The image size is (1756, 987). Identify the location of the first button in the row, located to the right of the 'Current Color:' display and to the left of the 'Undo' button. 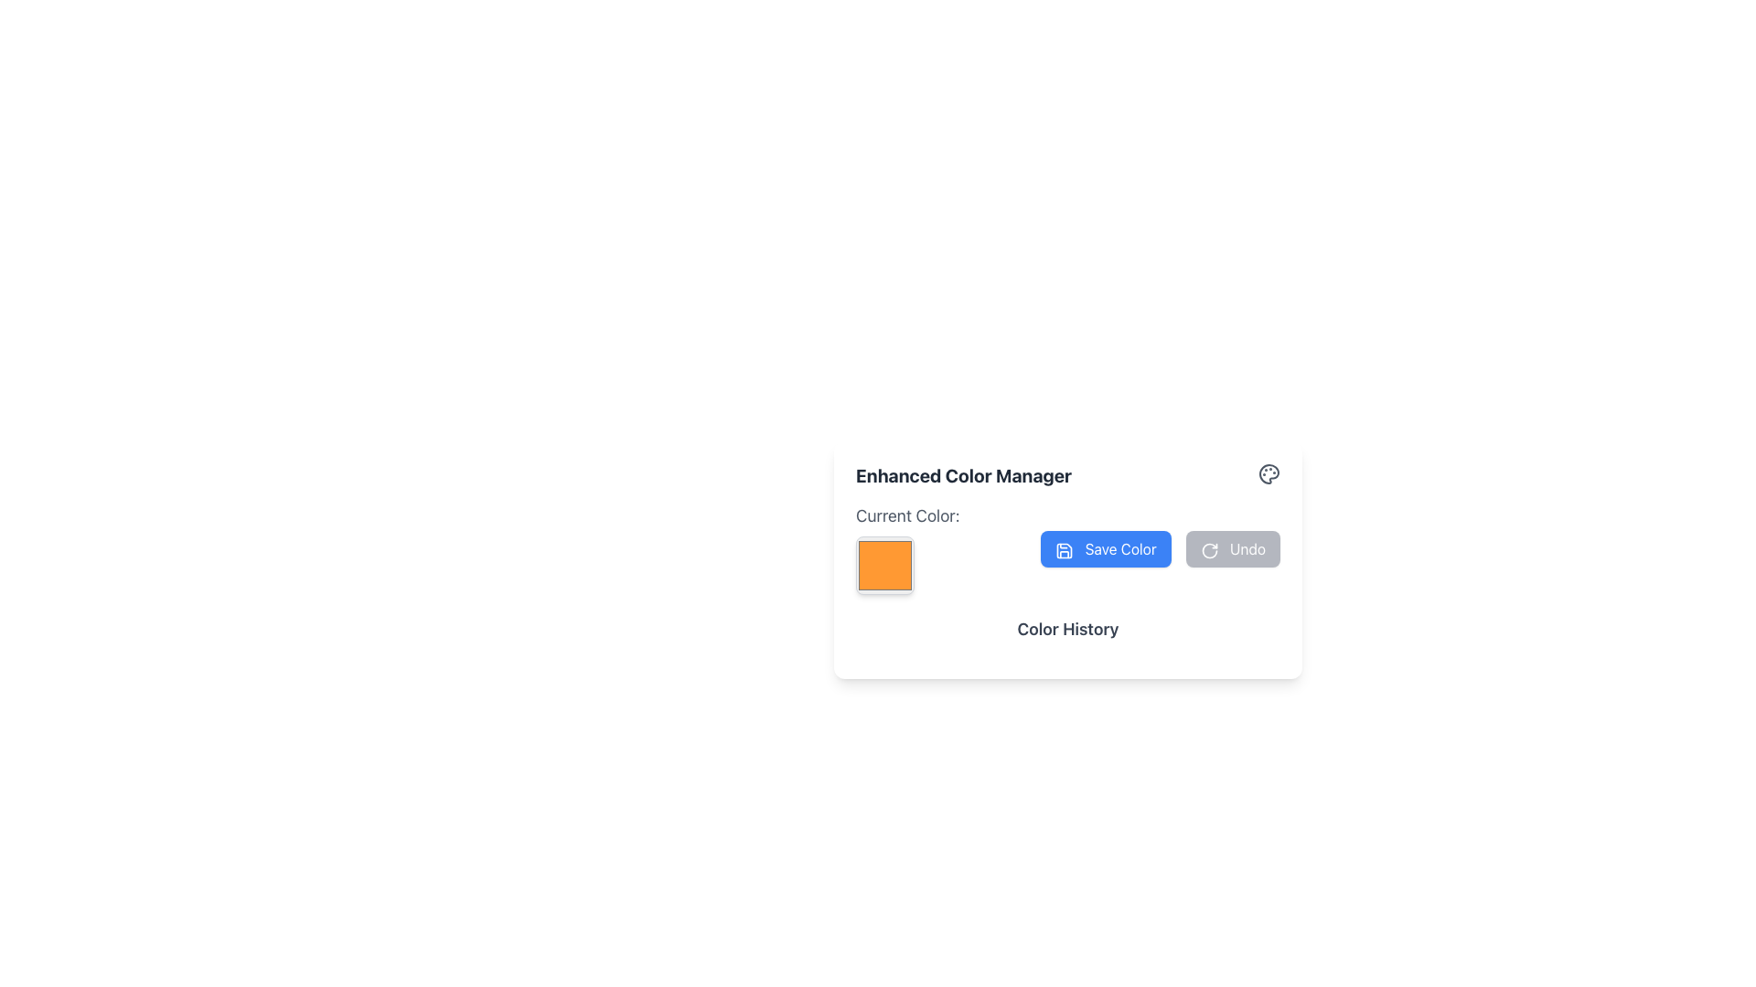
(1105, 548).